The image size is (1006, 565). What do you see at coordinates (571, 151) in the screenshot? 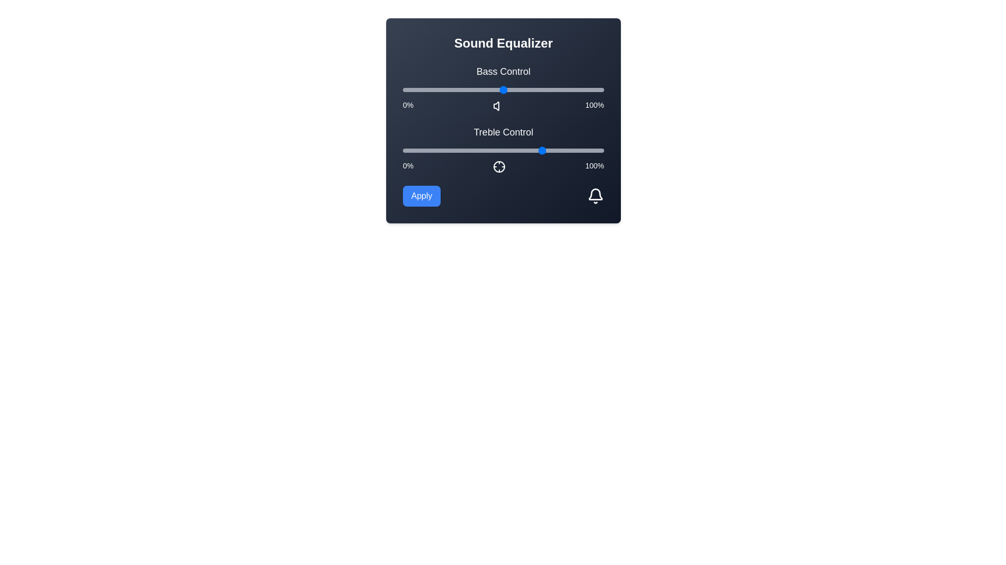
I see `the treble slider to 84%` at bounding box center [571, 151].